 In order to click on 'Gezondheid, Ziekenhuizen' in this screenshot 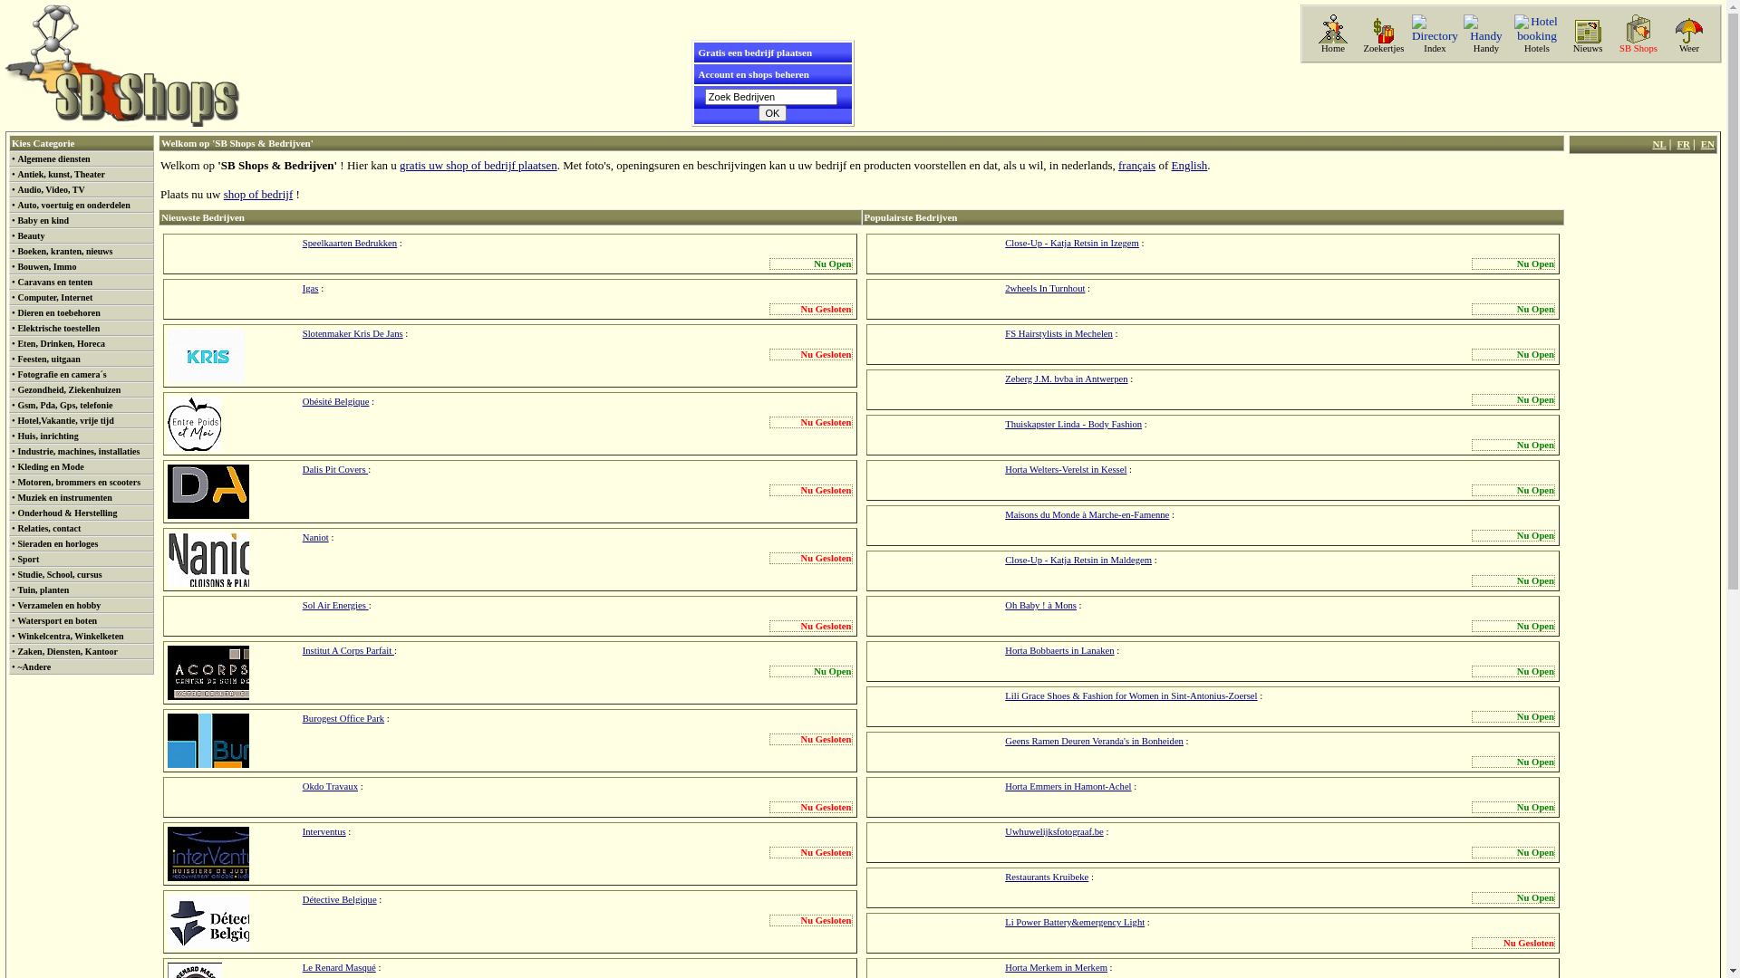, I will do `click(69, 388)`.